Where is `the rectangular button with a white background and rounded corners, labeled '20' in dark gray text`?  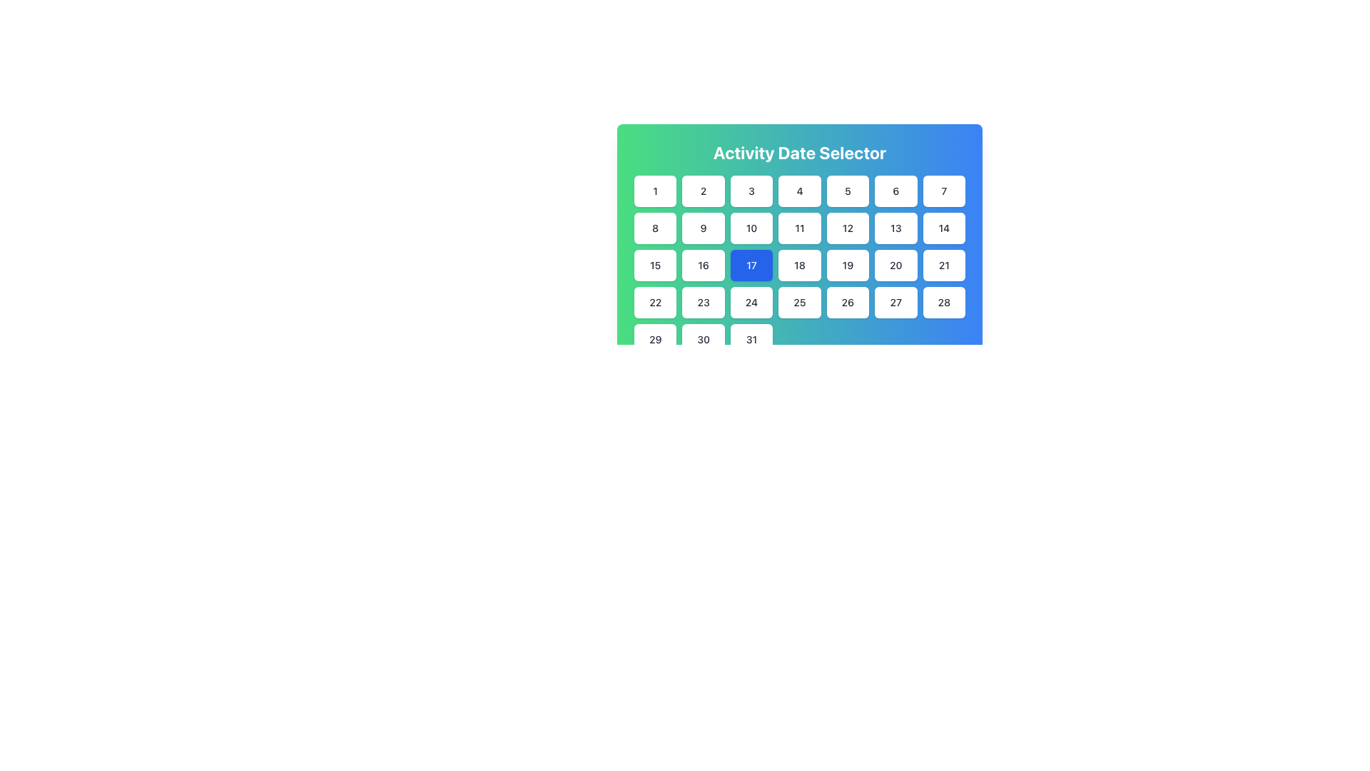 the rectangular button with a white background and rounded corners, labeled '20' in dark gray text is located at coordinates (895, 265).